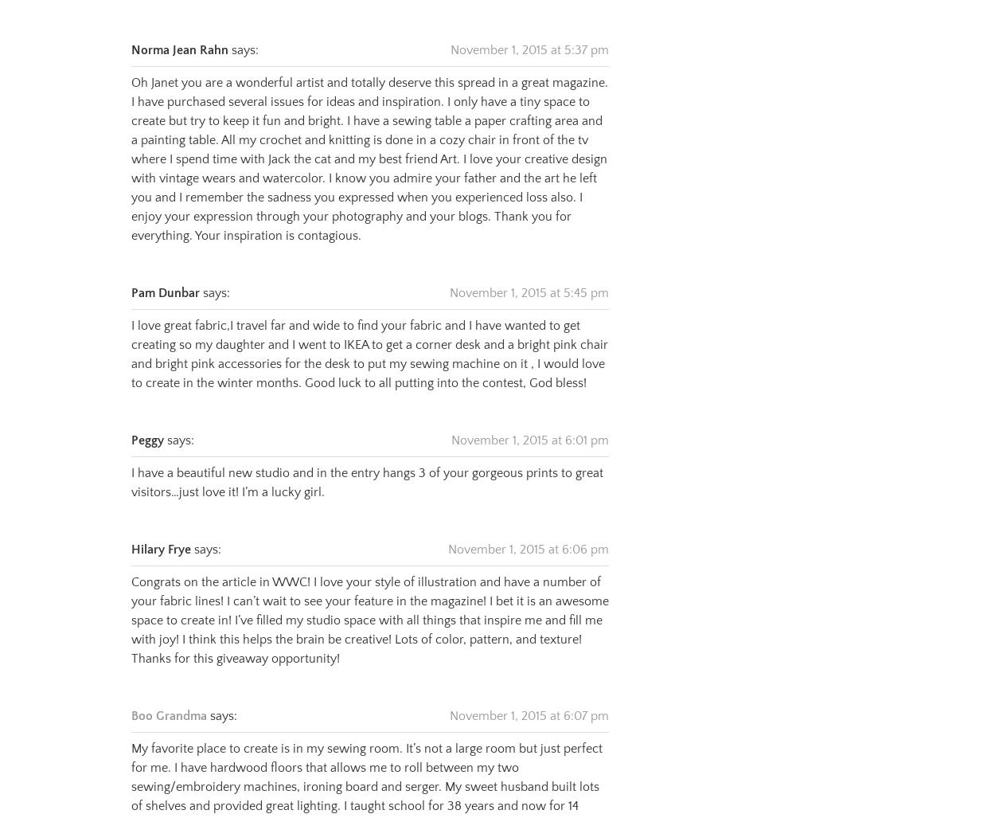  I want to click on 'Pam Dunbar', so click(165, 273).